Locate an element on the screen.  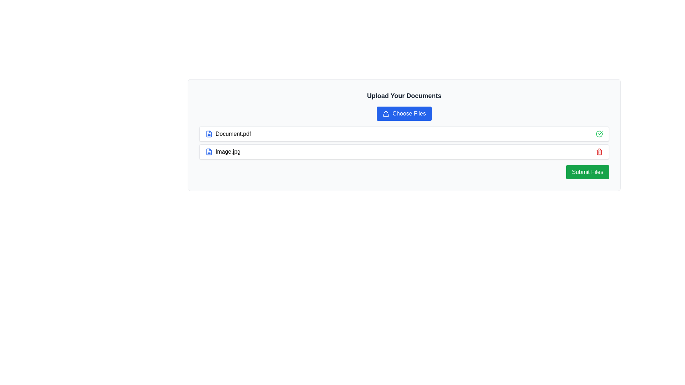
the blue file icon that is positioned to the left of the text label 'Document.pdf', which represents the associated file entry is located at coordinates (208, 134).